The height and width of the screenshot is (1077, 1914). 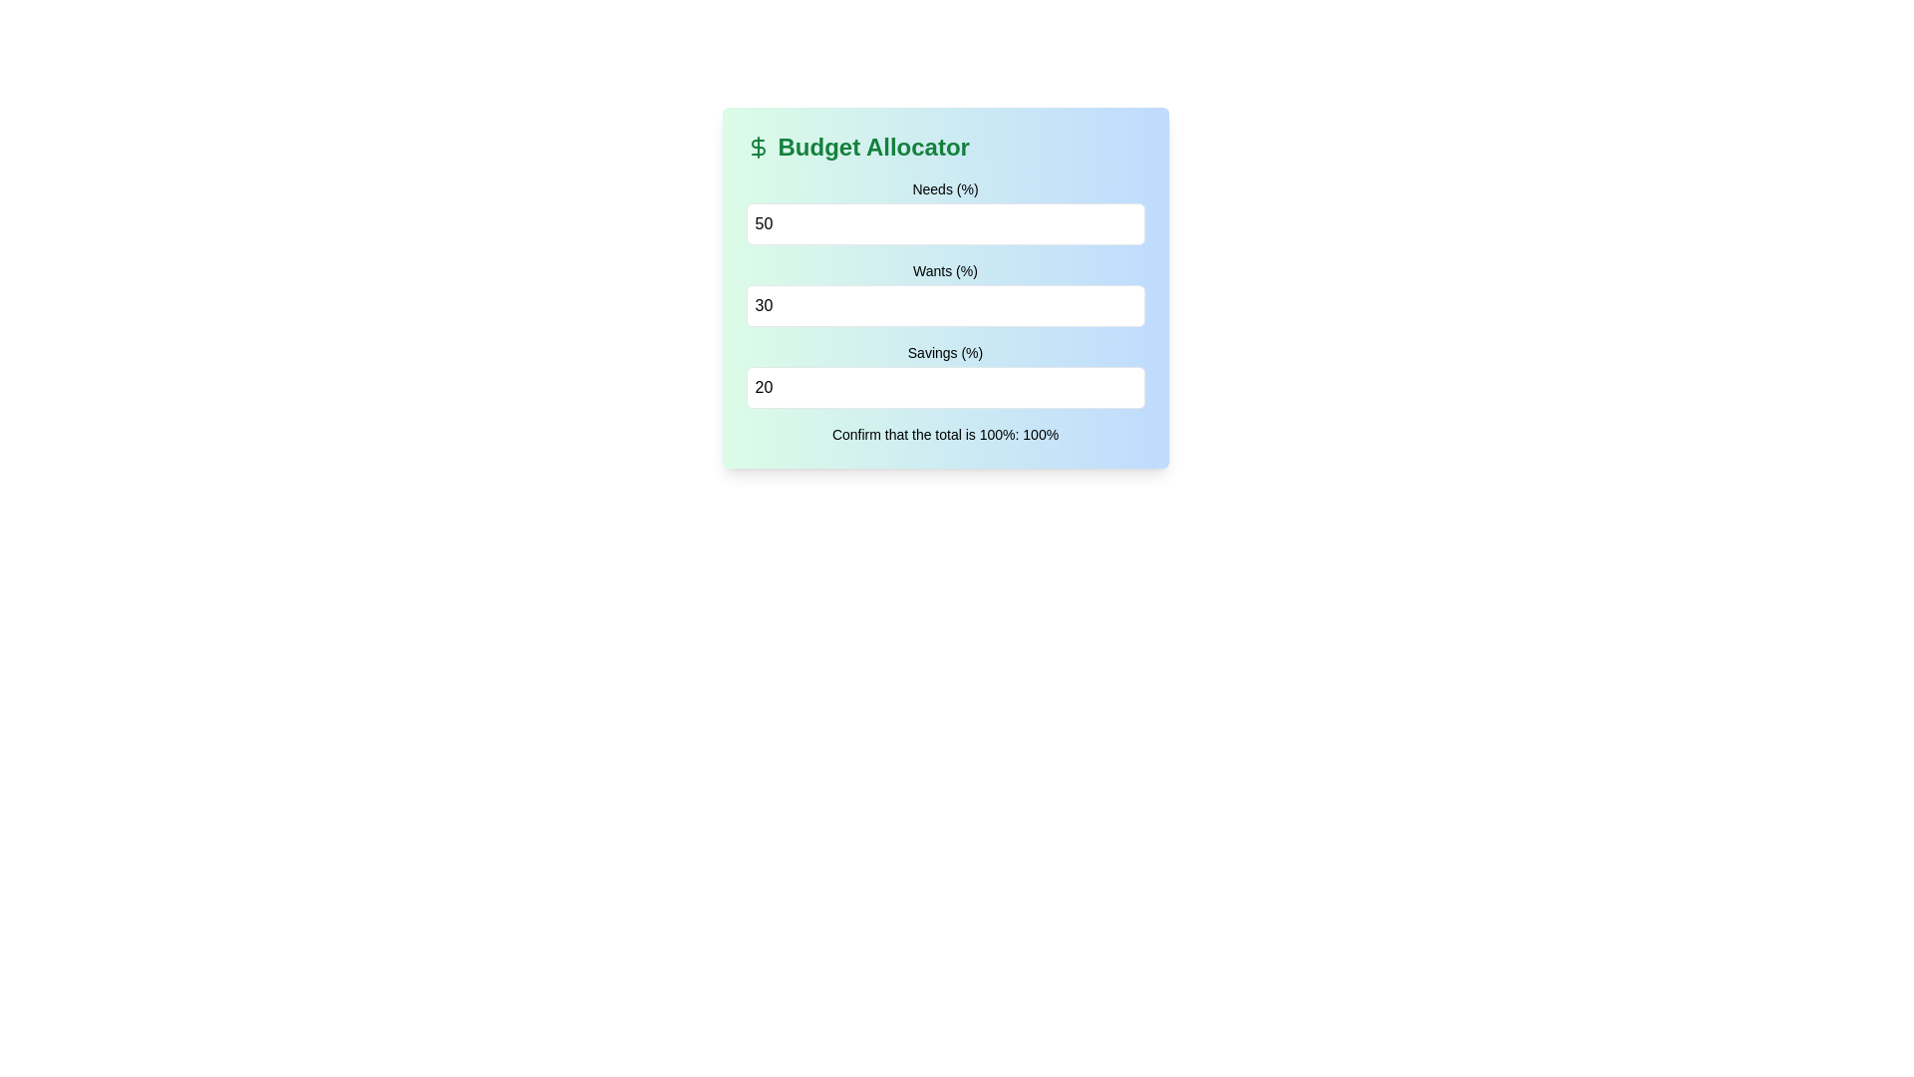 What do you see at coordinates (944, 223) in the screenshot?
I see `the 'Needs (%)' number input field for editing` at bounding box center [944, 223].